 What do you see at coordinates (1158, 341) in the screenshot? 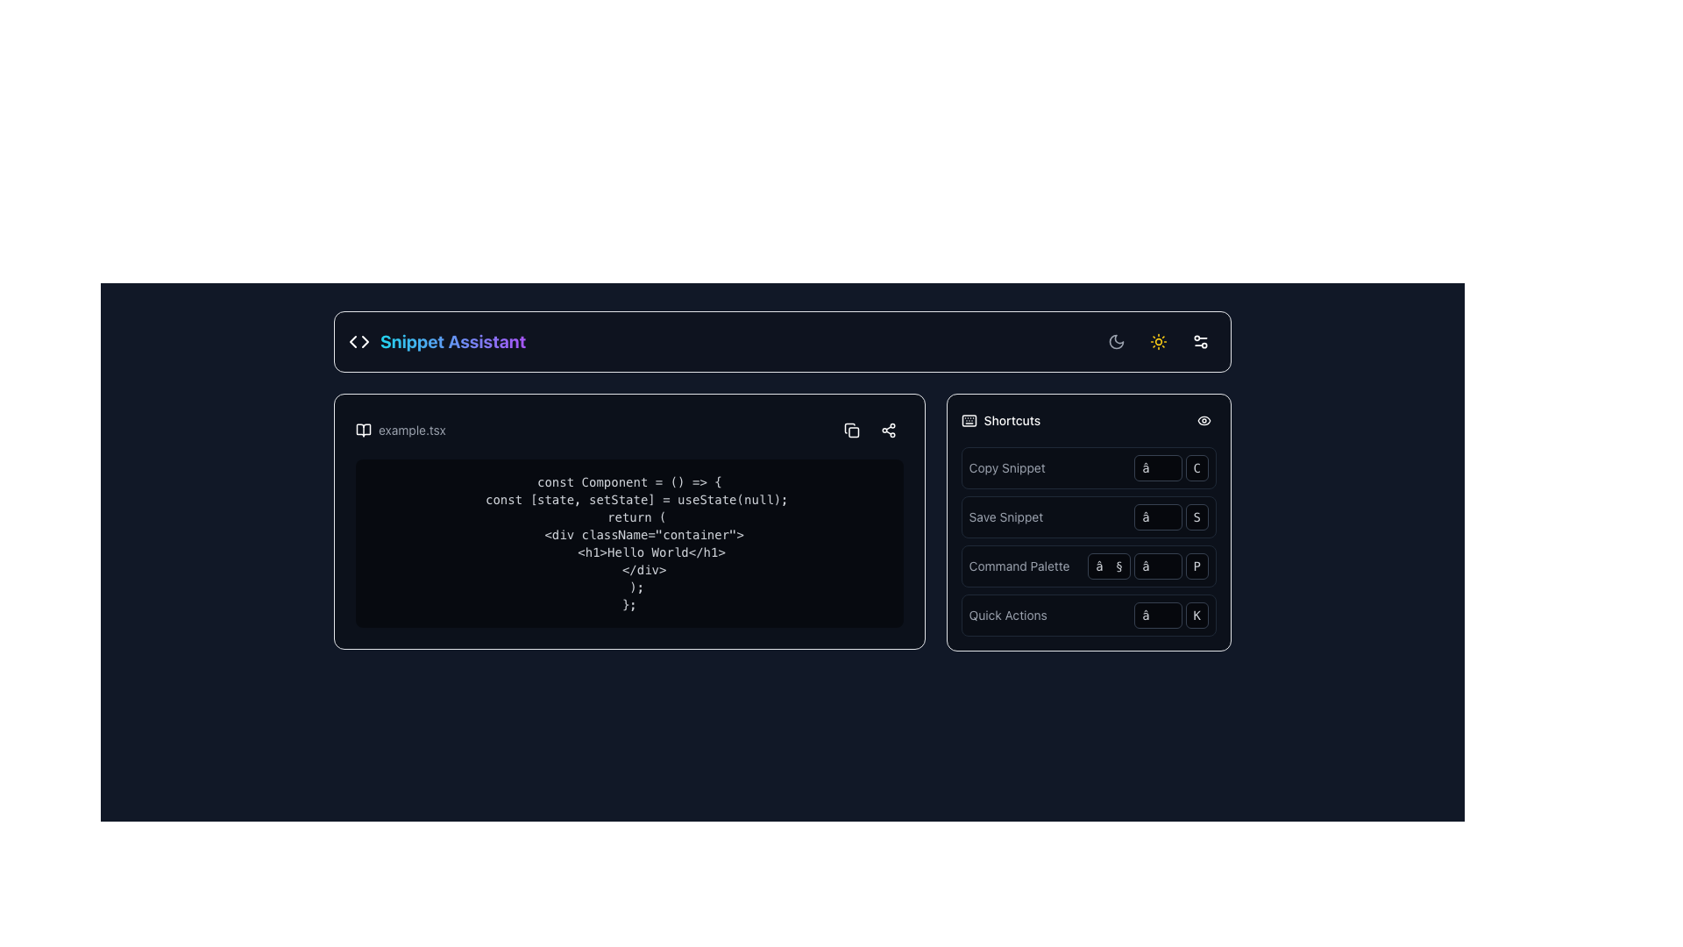
I see `the sun icon button in the top-right corner` at bounding box center [1158, 341].